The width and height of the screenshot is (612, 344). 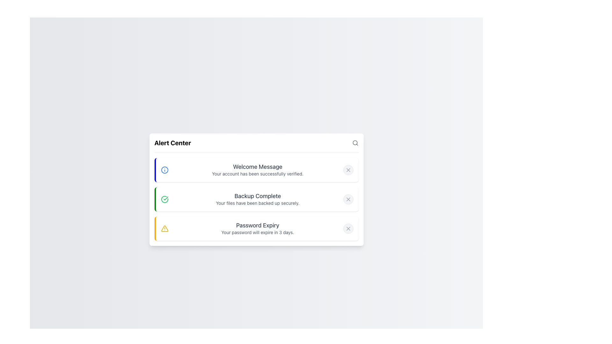 I want to click on the Informational Alert Box that displays 'Backup Complete' with a white background and a green vertical stripe on the left, so click(x=256, y=199).